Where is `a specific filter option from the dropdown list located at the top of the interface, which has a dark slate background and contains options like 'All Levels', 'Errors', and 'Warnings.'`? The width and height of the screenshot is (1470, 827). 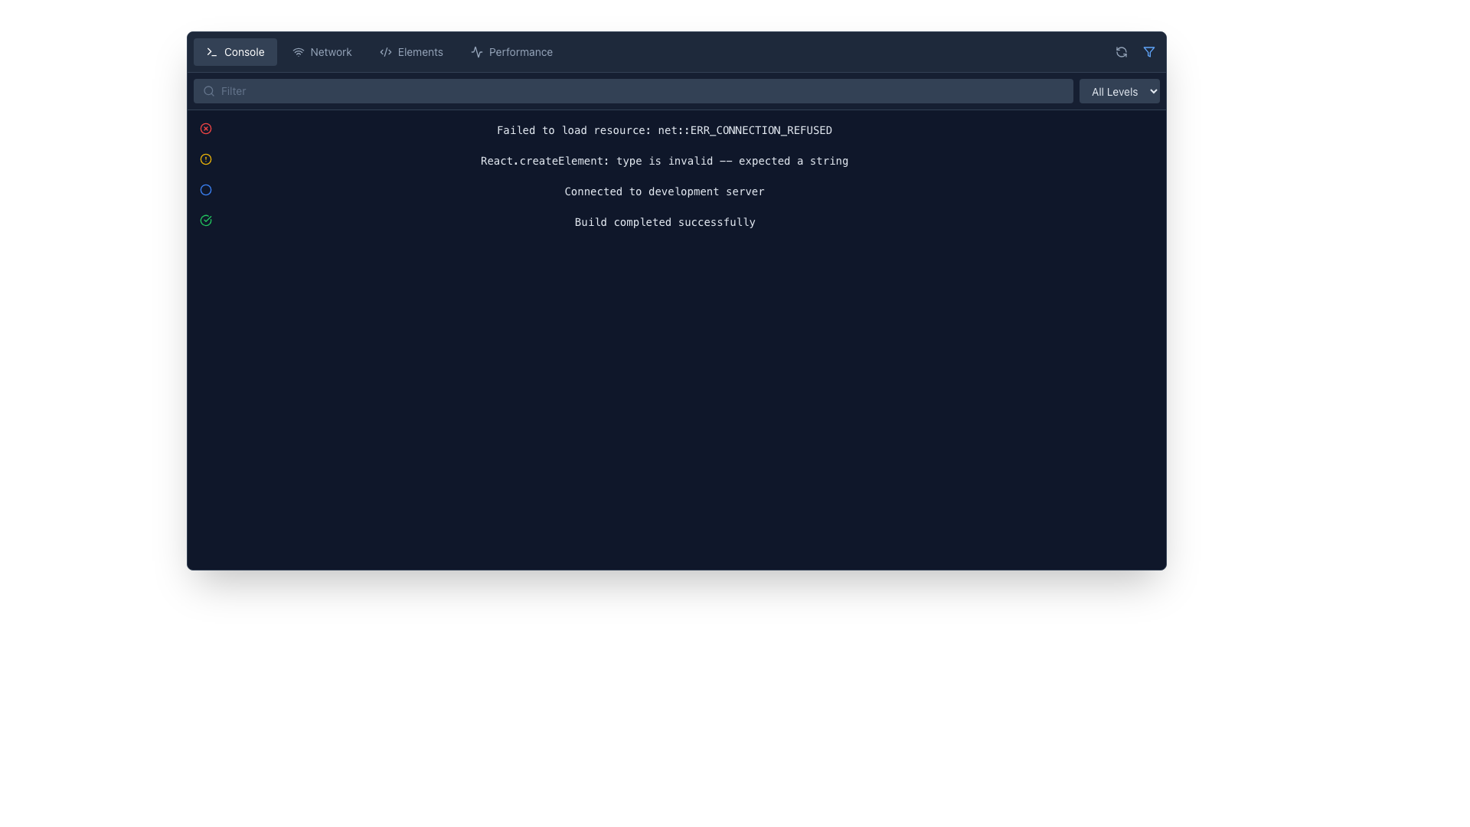
a specific filter option from the dropdown list located at the top of the interface, which has a dark slate background and contains options like 'All Levels', 'Errors', and 'Warnings.' is located at coordinates (675, 91).